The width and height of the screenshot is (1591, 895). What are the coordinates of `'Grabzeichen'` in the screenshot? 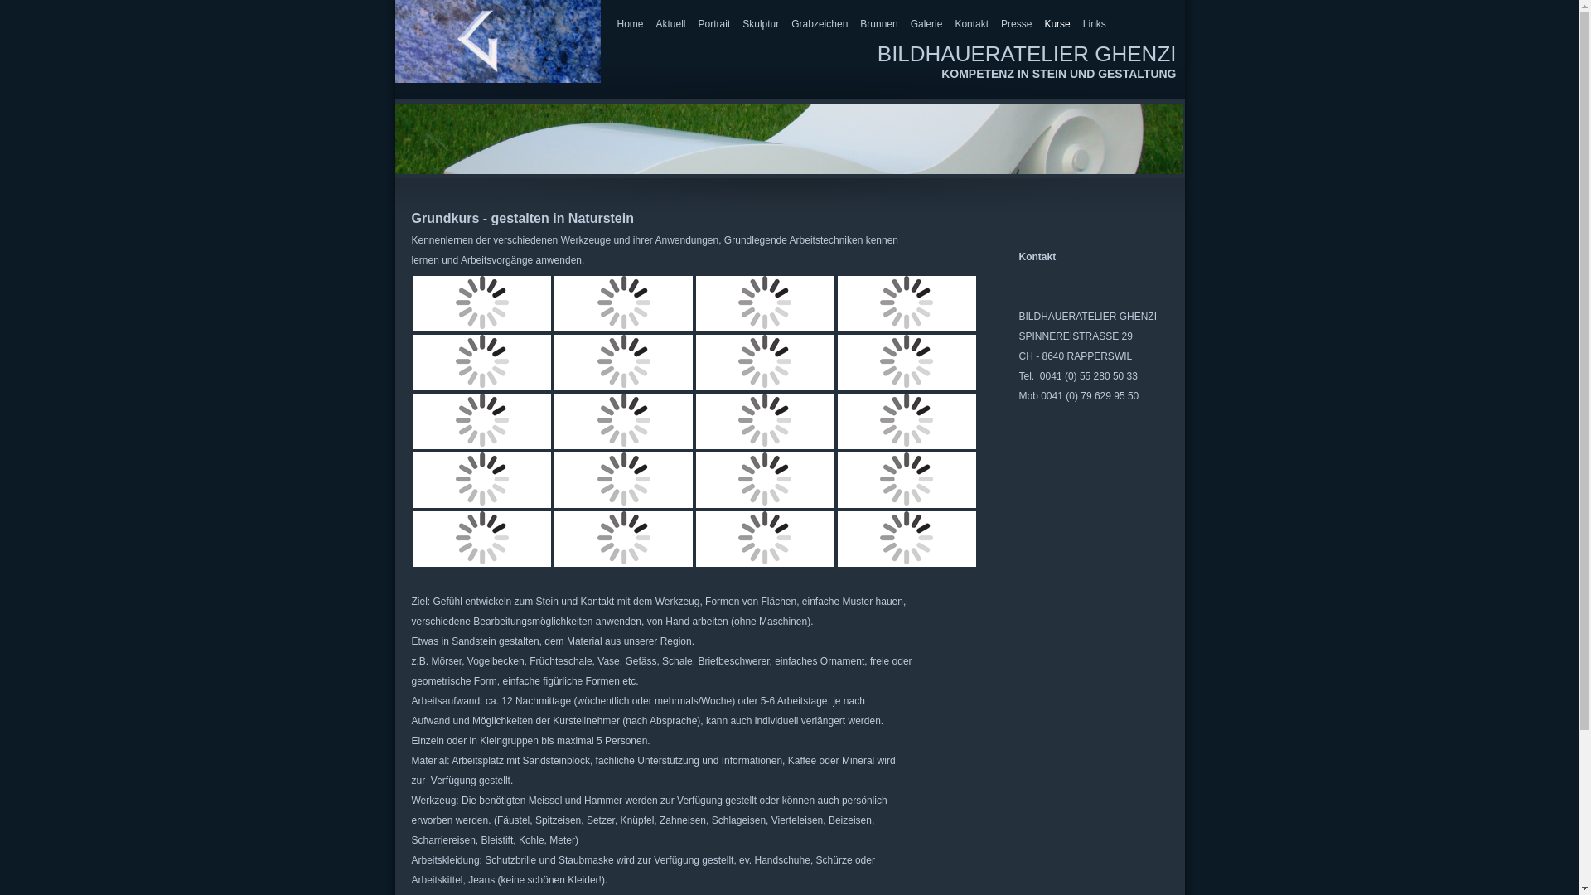 It's located at (791, 24).